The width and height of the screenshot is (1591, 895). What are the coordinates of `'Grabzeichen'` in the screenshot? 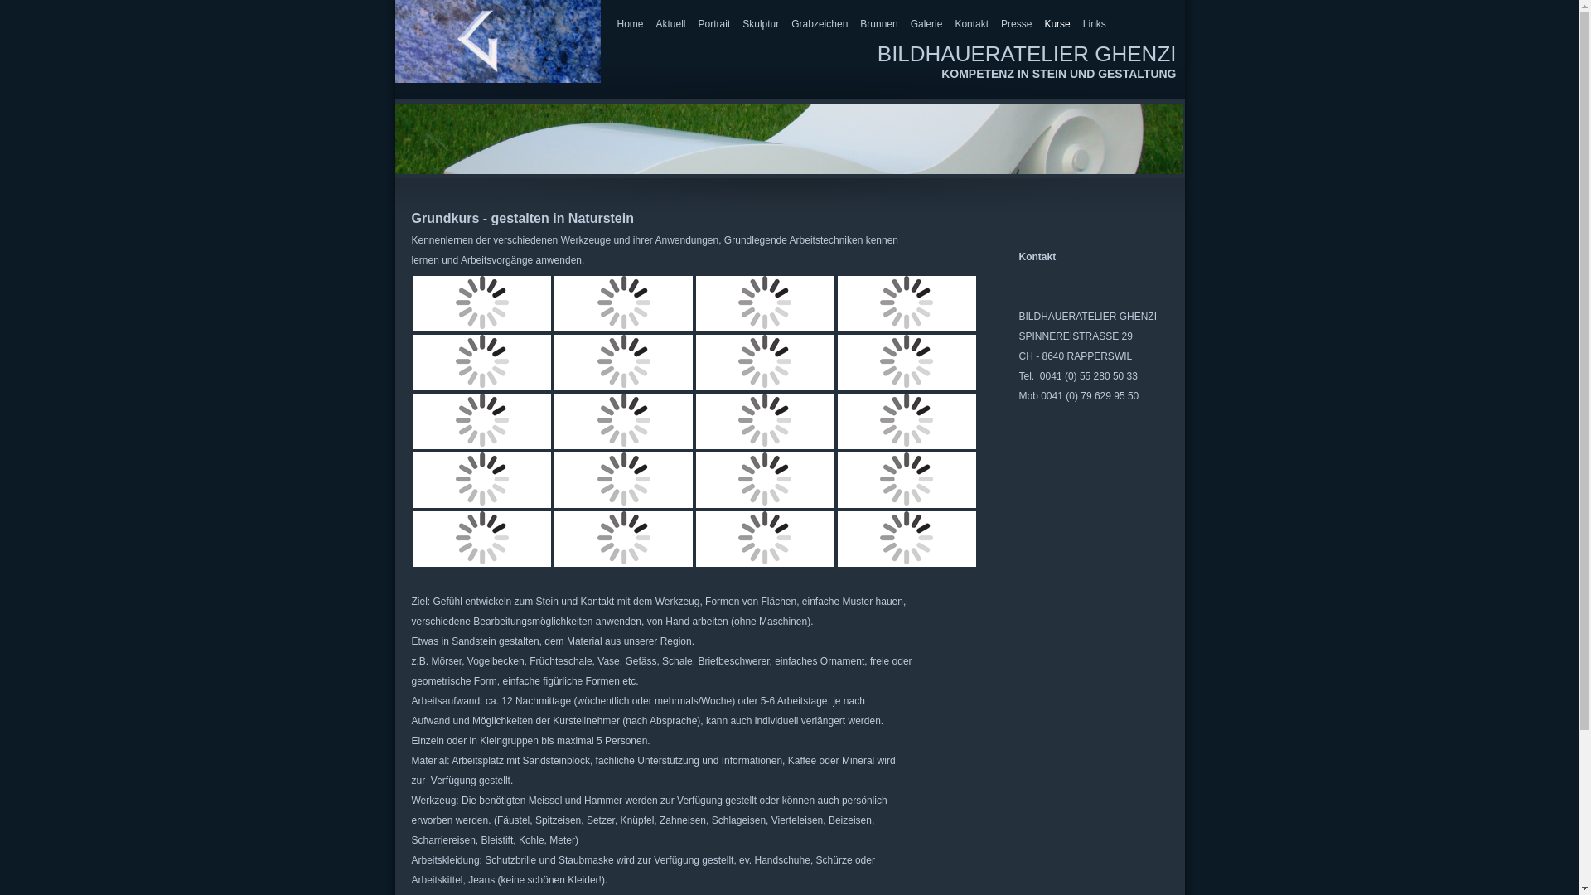 It's located at (791, 24).